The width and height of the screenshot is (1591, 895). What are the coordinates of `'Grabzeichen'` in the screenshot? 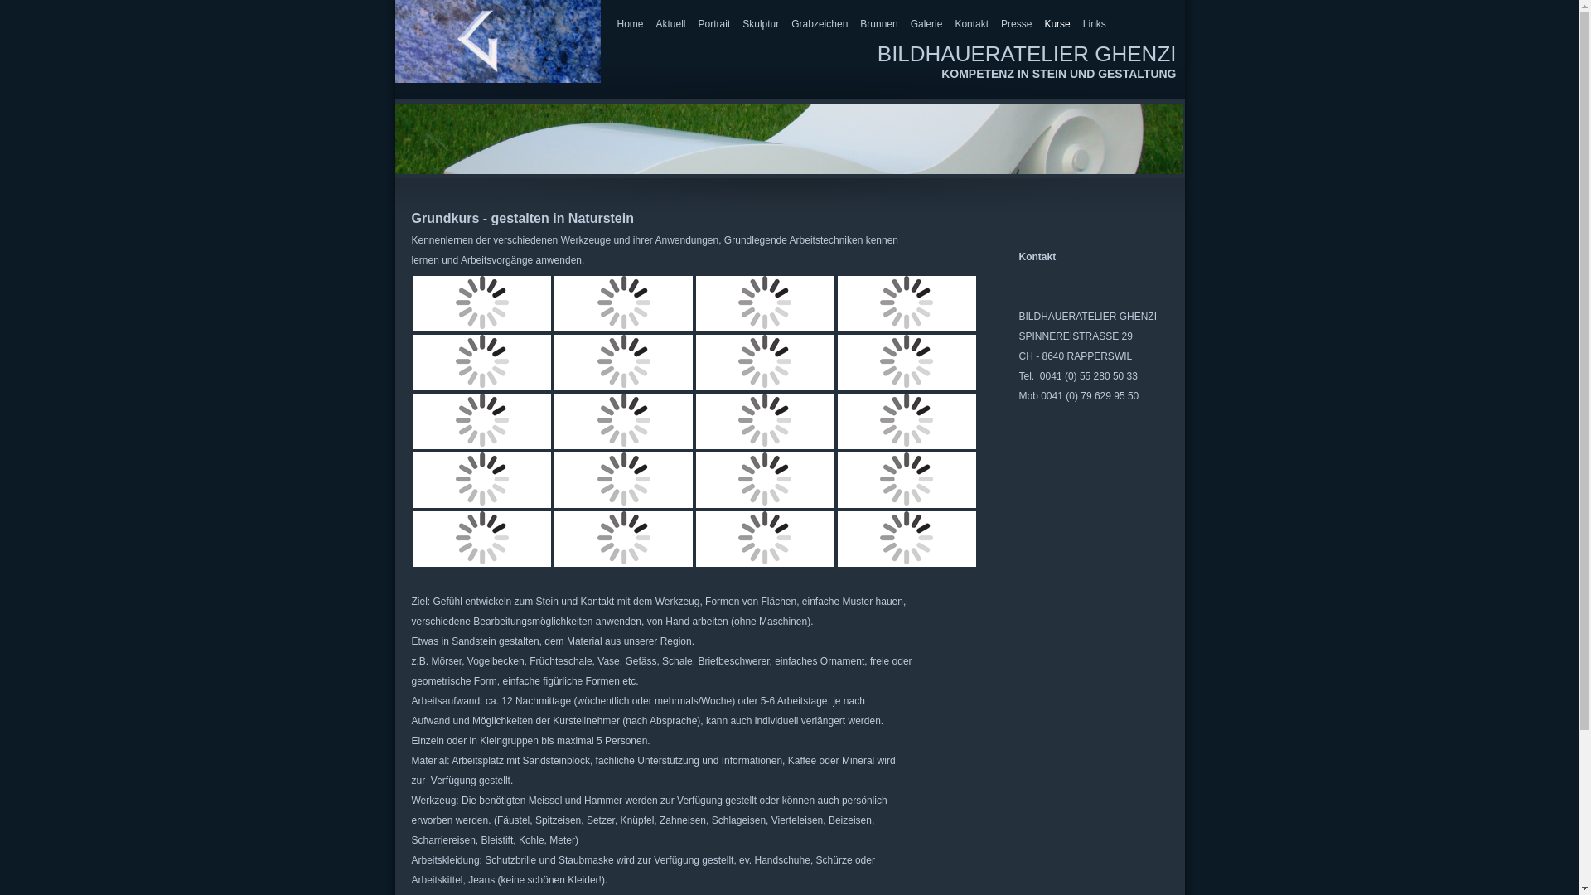 It's located at (791, 24).